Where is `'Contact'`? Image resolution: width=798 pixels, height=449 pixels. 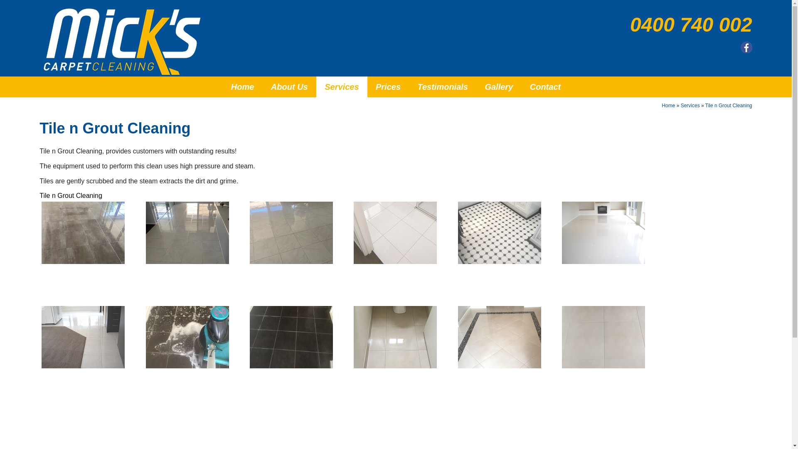
'Contact' is located at coordinates (545, 86).